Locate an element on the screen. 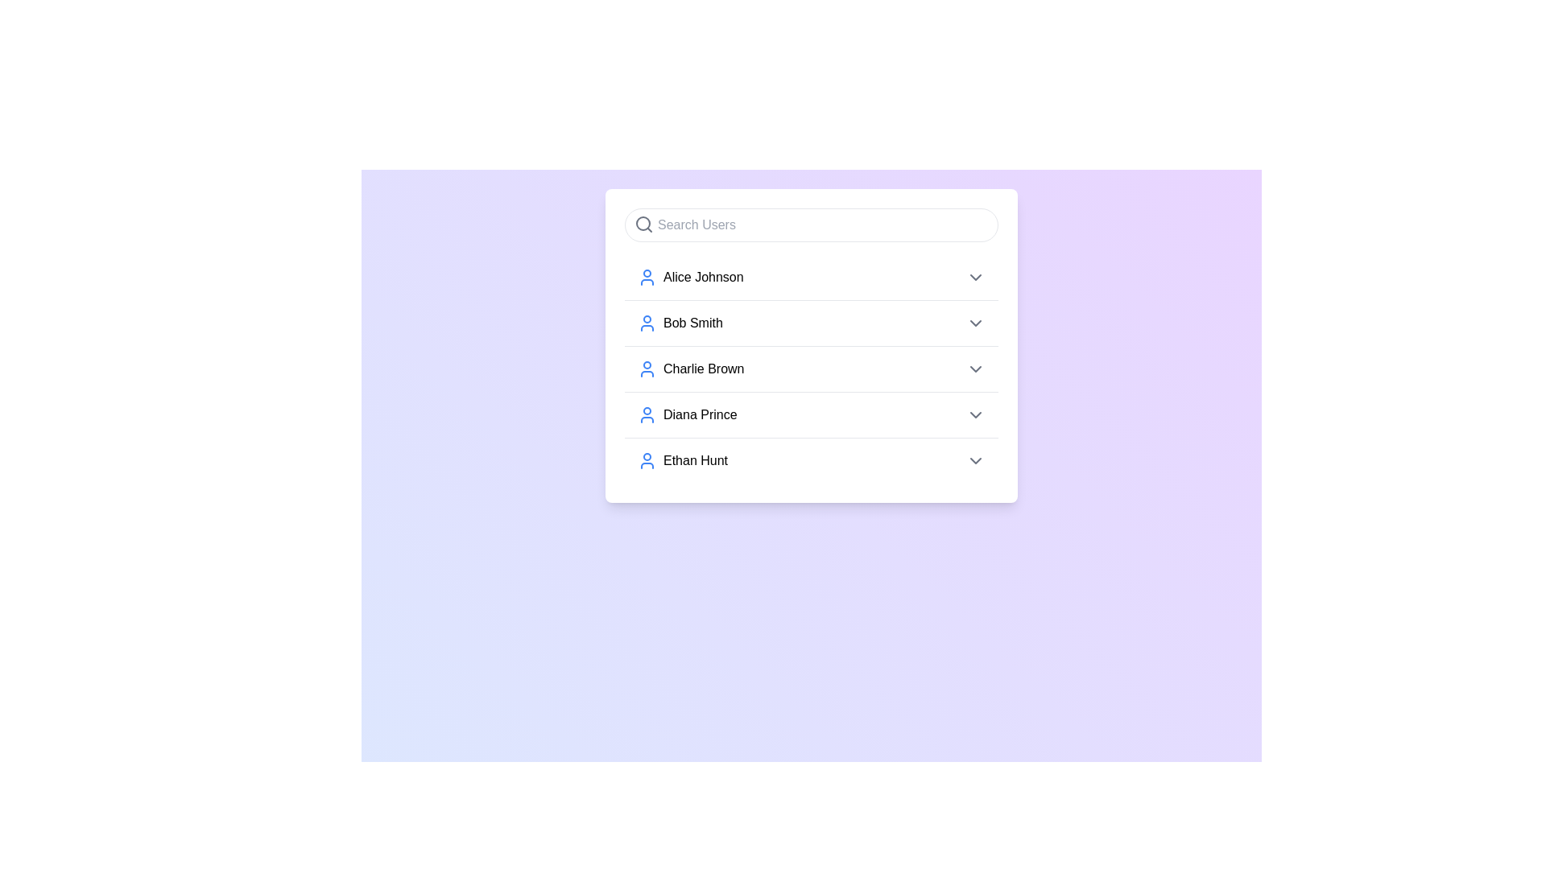 The height and width of the screenshot is (869, 1546). the search icon located in the upper-left area of the search input box, positioned just to the left of the placeholder text 'Search Users' is located at coordinates (644, 224).